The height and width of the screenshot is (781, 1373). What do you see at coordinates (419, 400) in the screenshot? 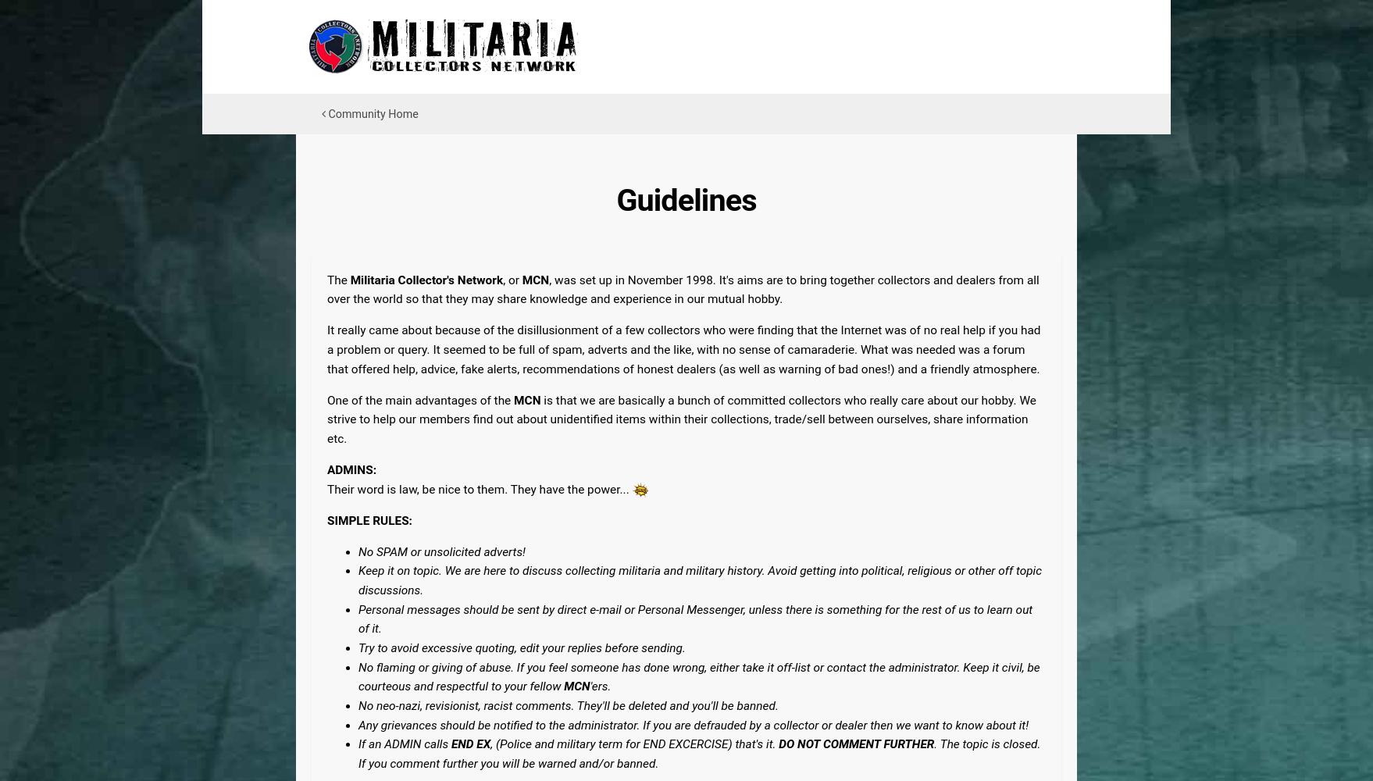
I see `'One of the main advantages of the'` at bounding box center [419, 400].